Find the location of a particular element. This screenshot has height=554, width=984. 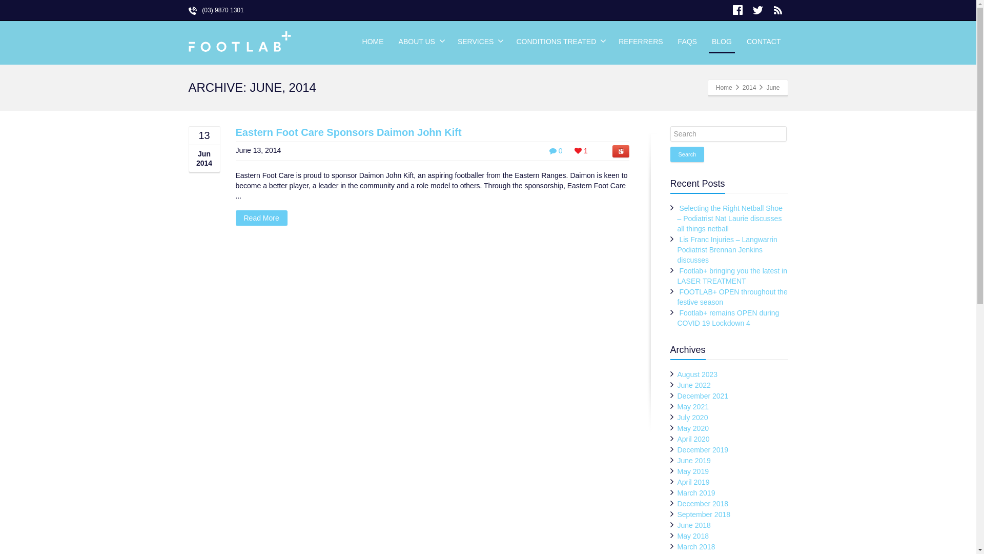

'CONDITIONS TREATED' is located at coordinates (559, 41).